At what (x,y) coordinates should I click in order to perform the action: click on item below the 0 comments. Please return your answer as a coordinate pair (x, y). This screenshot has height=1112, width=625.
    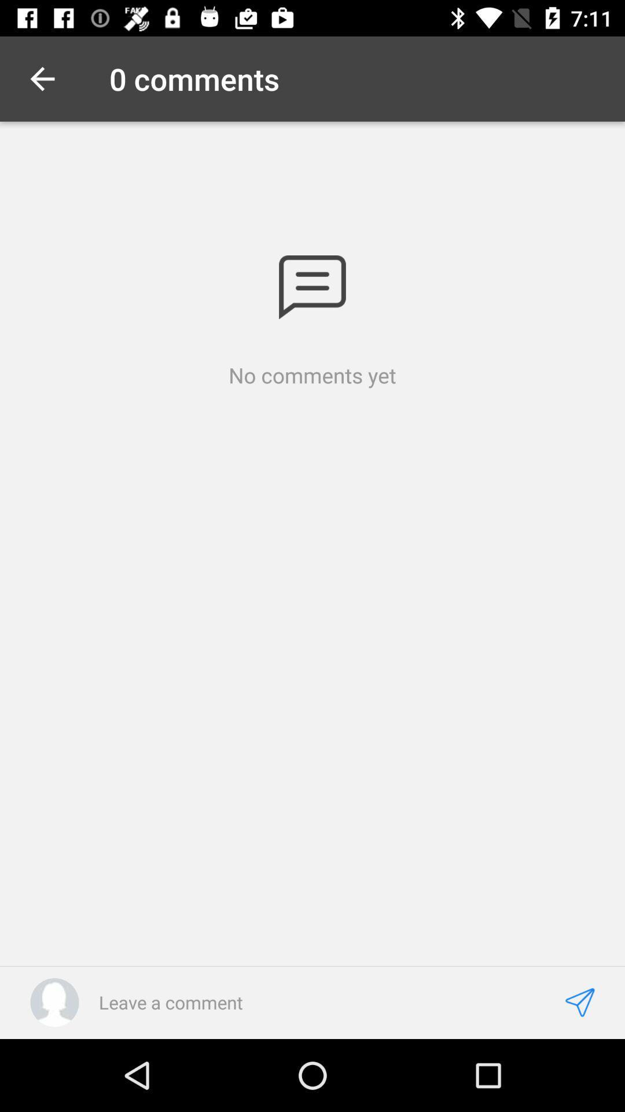
    Looking at the image, I should click on (312, 287).